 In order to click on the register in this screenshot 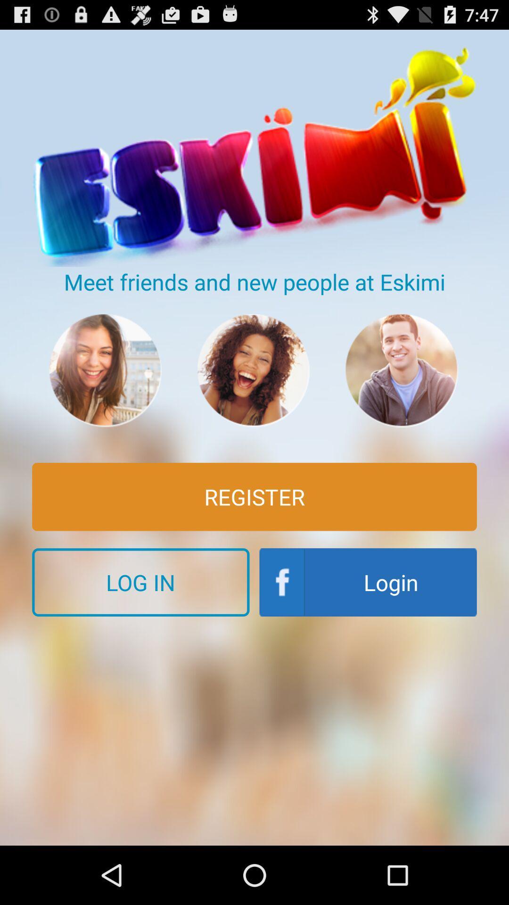, I will do `click(254, 496)`.